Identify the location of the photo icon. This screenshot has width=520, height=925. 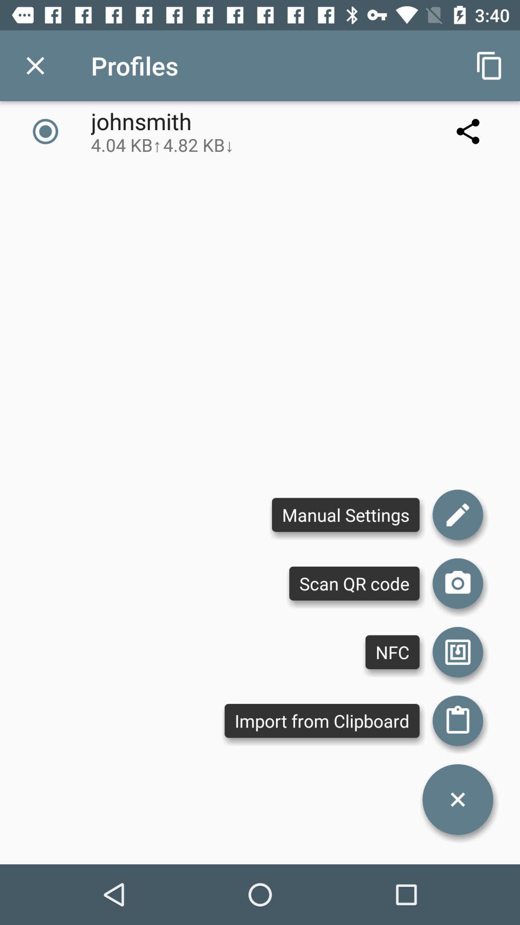
(457, 583).